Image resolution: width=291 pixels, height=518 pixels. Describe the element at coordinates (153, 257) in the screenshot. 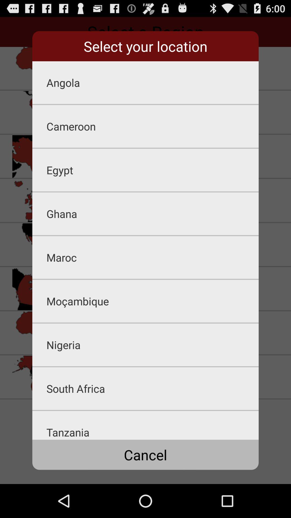

I see `the maroc app` at that location.